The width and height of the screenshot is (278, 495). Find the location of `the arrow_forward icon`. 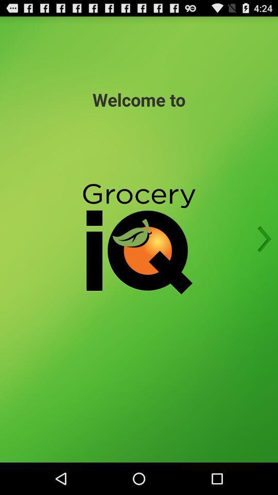

the arrow_forward icon is located at coordinates (261, 255).